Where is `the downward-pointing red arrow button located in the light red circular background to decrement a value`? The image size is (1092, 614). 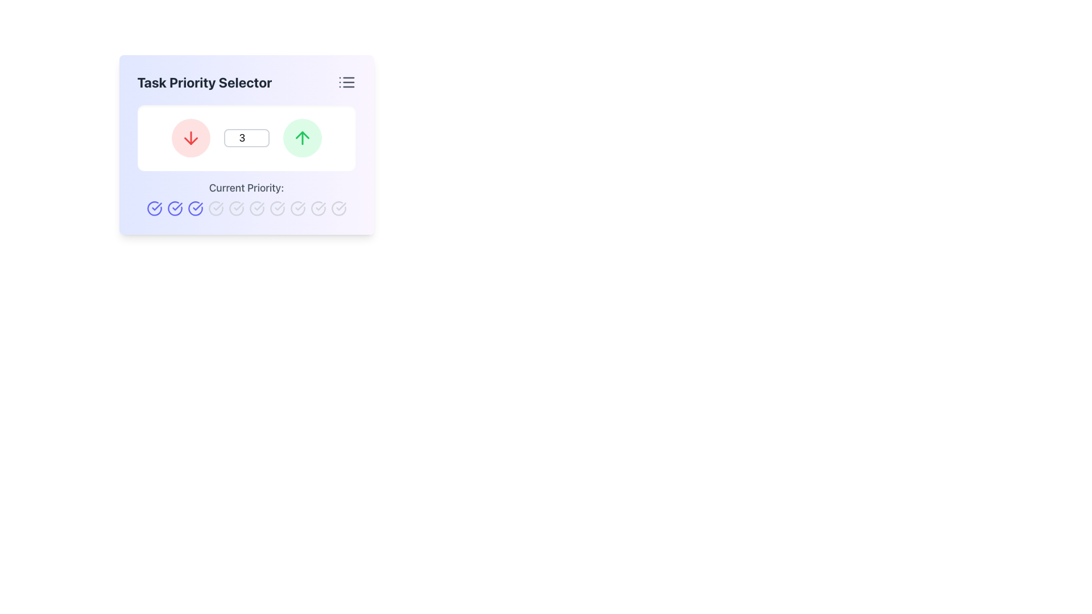 the downward-pointing red arrow button located in the light red circular background to decrement a value is located at coordinates (191, 138).